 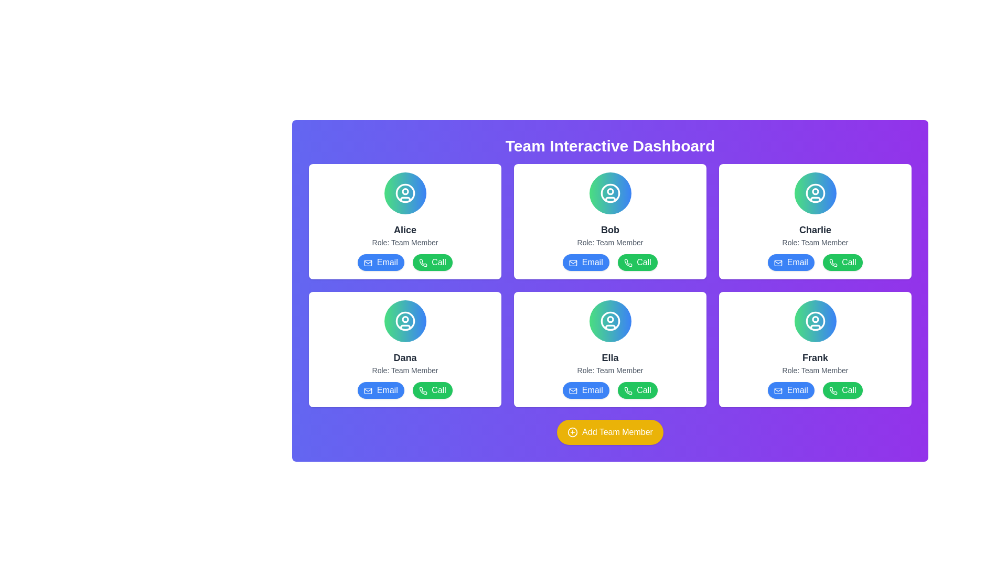 I want to click on the small circular shape located within the user profile icon of the 'Alice' team member card, positioned towards the upper center part of the icon, so click(x=404, y=191).